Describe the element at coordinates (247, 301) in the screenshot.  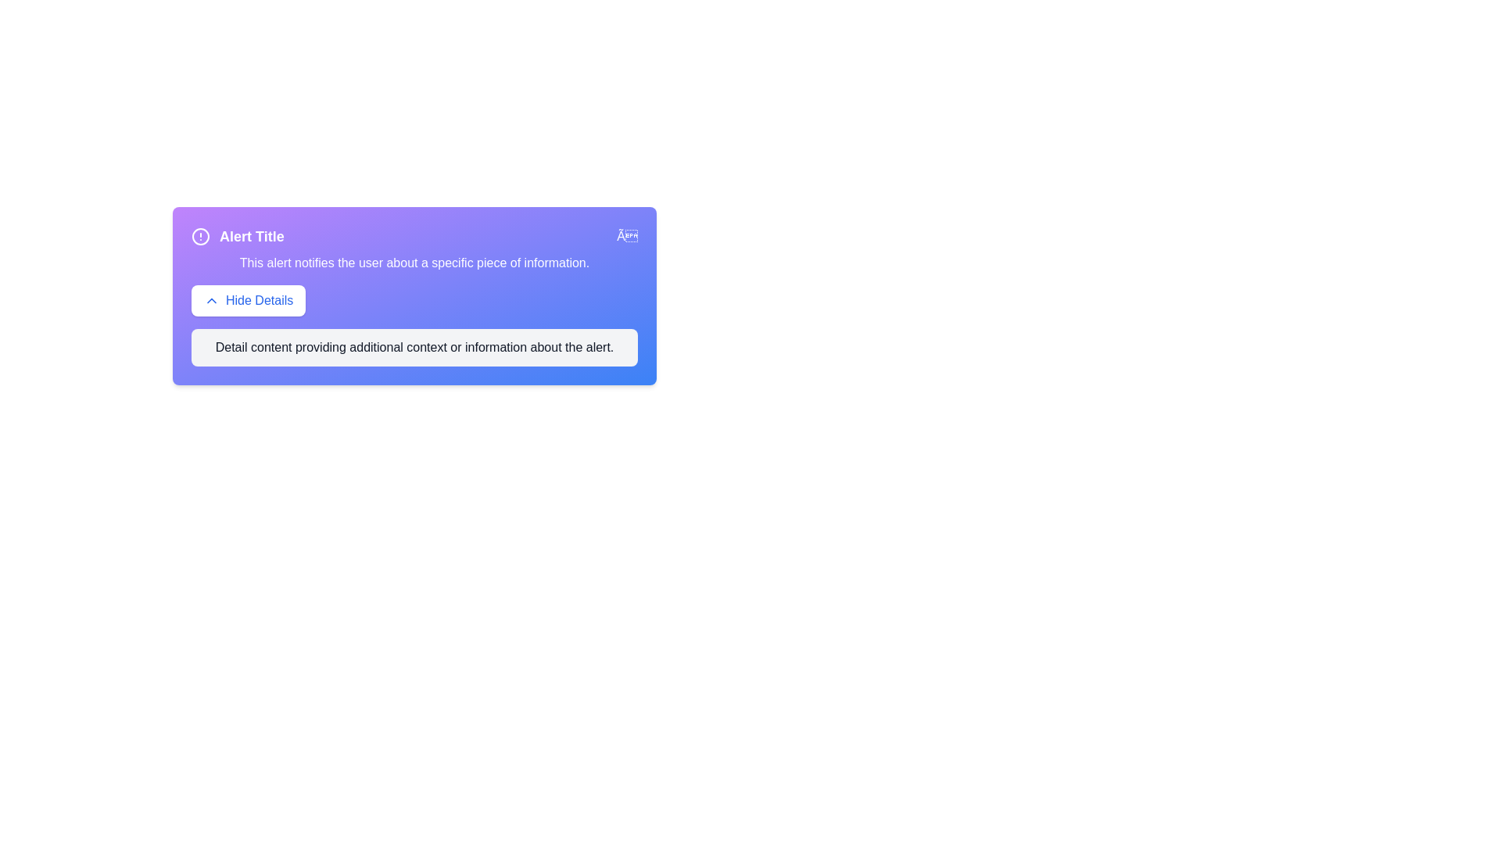
I see `the 'Hide Details' button to toggle the visibility of the details section` at that location.